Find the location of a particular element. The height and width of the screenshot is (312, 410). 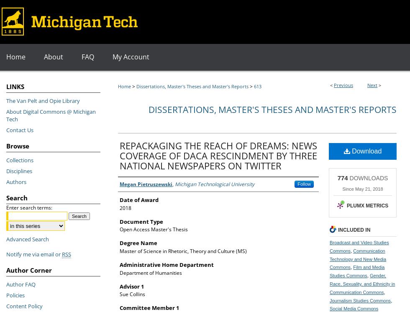

'Author FAQ' is located at coordinates (20, 284).